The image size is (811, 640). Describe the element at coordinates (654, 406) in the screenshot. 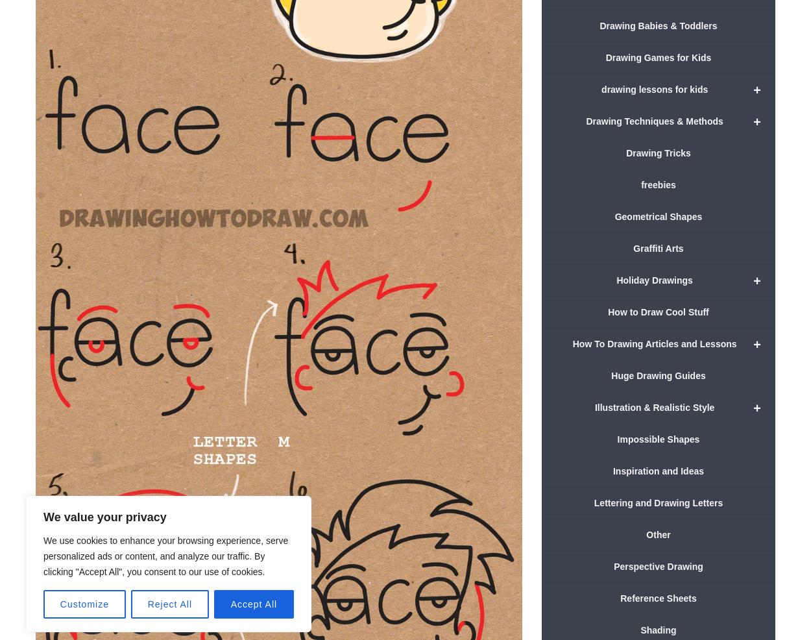

I see `'Illustration & Realistic Style'` at that location.